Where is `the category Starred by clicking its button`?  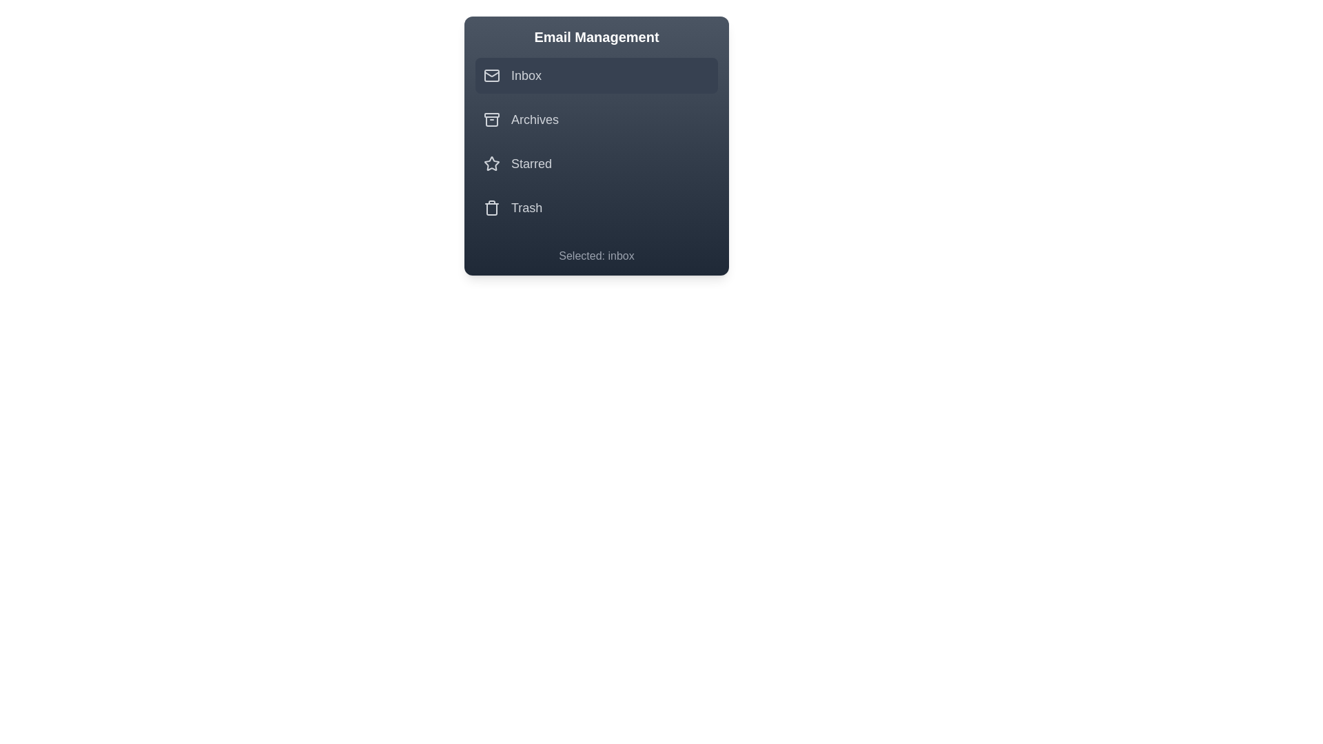 the category Starred by clicking its button is located at coordinates (596, 163).